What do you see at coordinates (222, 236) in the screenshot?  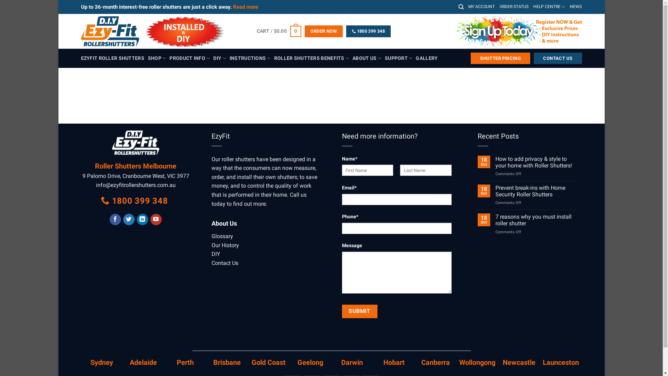 I see `'Glossary'` at bounding box center [222, 236].